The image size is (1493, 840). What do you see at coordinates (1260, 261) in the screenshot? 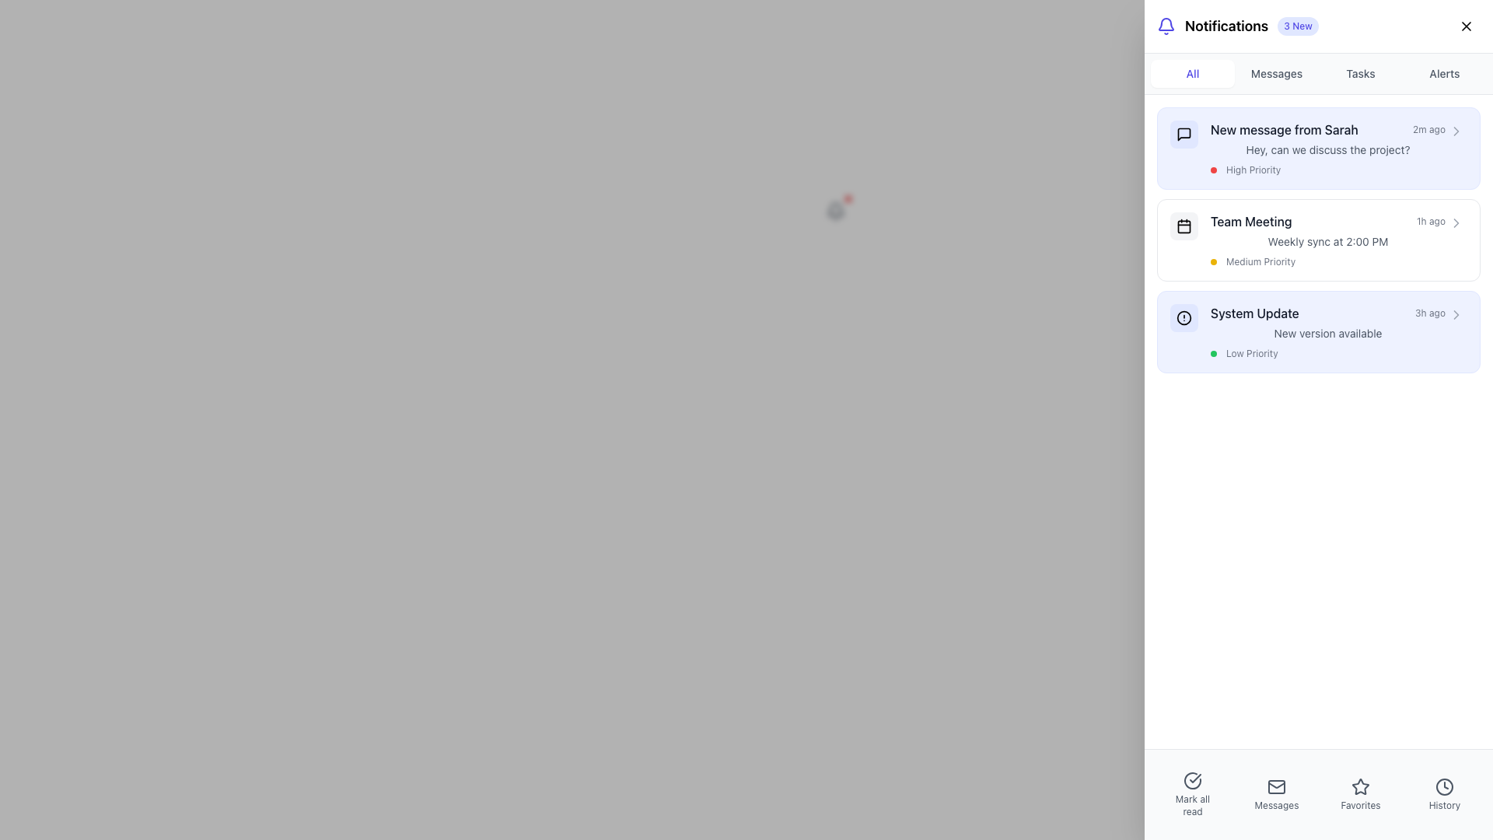
I see `the 'Medium Priority' static text label located in the second notification card of the 'Team Meeting' notification panel to assess its importance` at bounding box center [1260, 261].